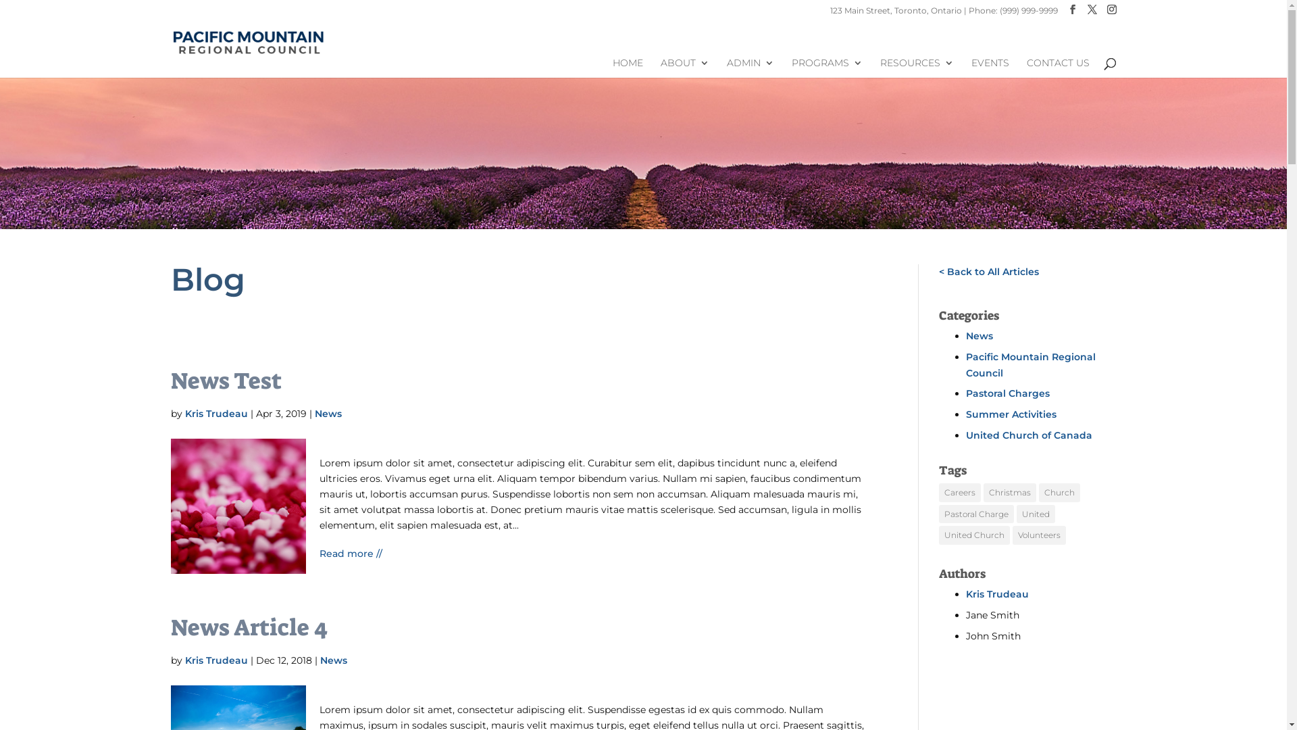  I want to click on 'EVENTS', so click(990, 68).